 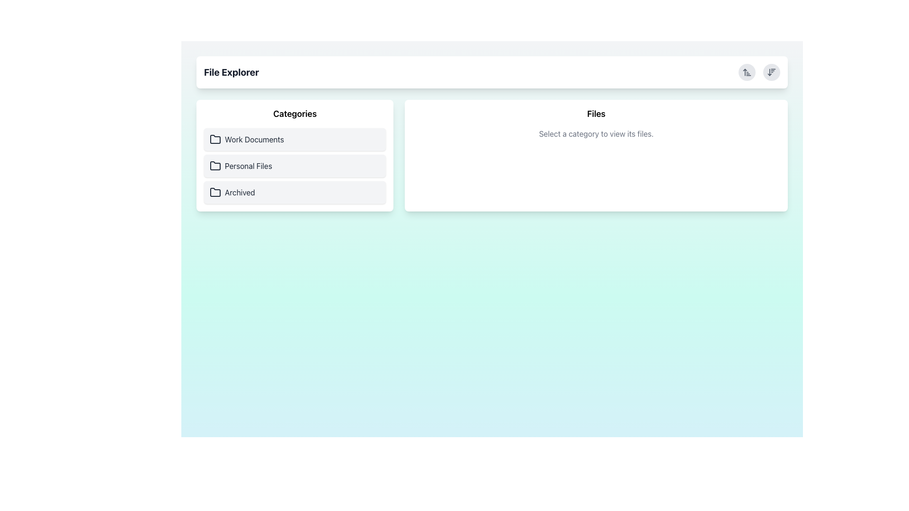 What do you see at coordinates (215, 139) in the screenshot?
I see `the folder icon styled with a simple outline design, located to the left of the text 'Work Documents' in the 'Categories' list` at bounding box center [215, 139].